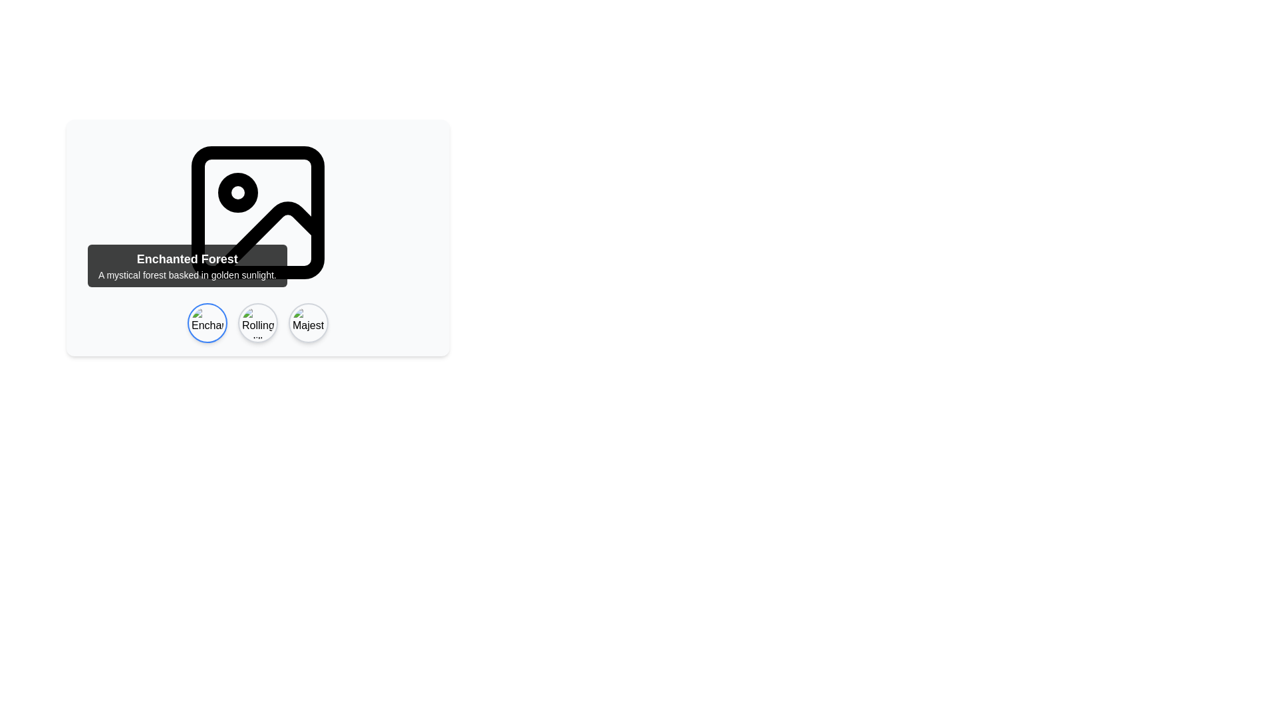  I want to click on the second interactive button that displays or filters content related to 'Rolling Hills', so click(258, 323).